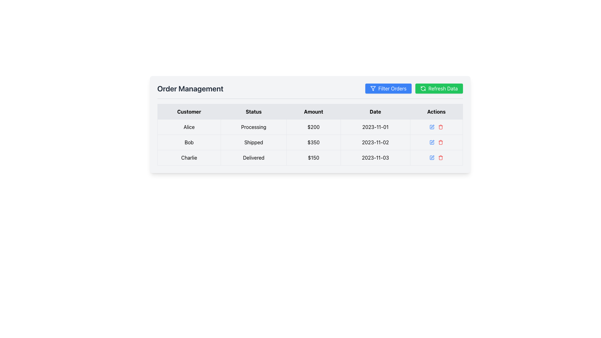 Image resolution: width=601 pixels, height=338 pixels. What do you see at coordinates (254, 142) in the screenshot?
I see `the static text label that indicates the shipping status for the order associated with 'Bob' in the second row of the table under the 'Status' column` at bounding box center [254, 142].